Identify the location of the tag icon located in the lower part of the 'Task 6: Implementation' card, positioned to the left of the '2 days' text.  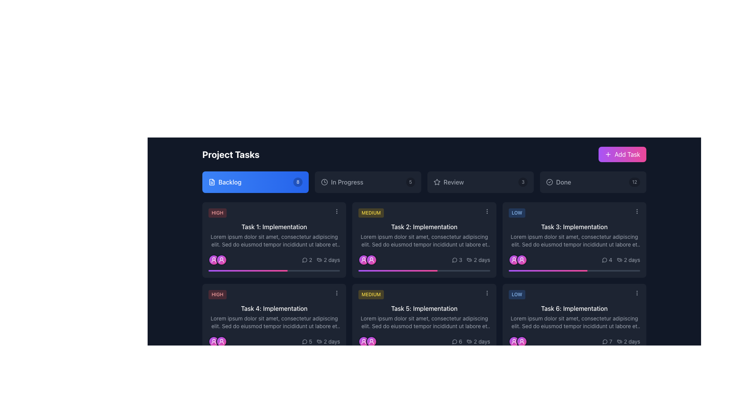
(619, 341).